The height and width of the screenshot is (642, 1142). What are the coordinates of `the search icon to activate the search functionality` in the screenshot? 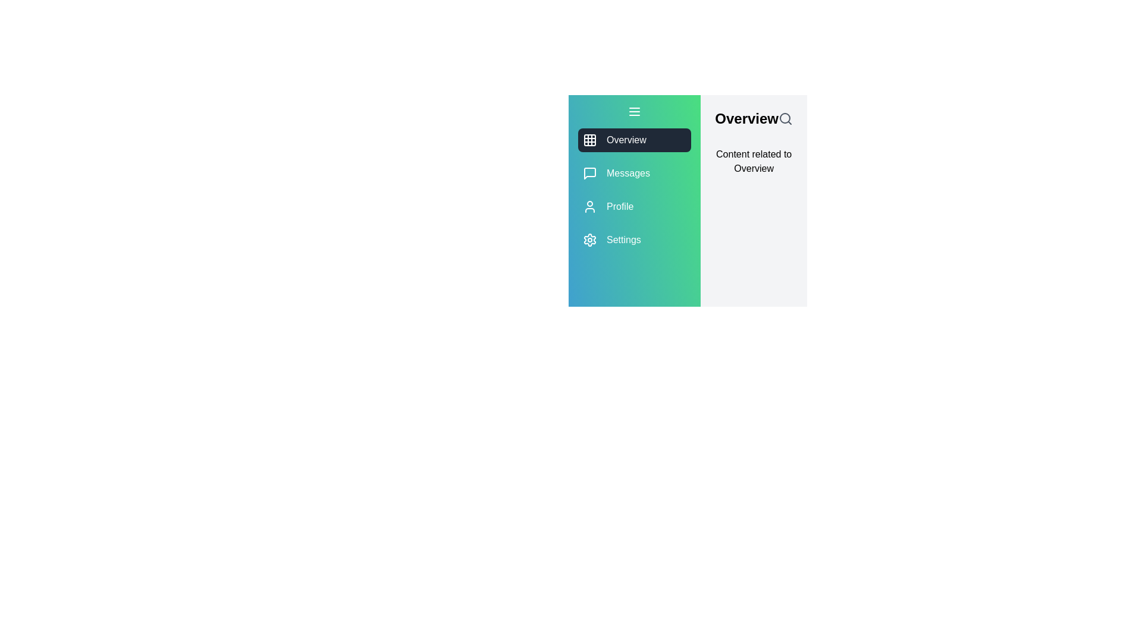 It's located at (785, 119).